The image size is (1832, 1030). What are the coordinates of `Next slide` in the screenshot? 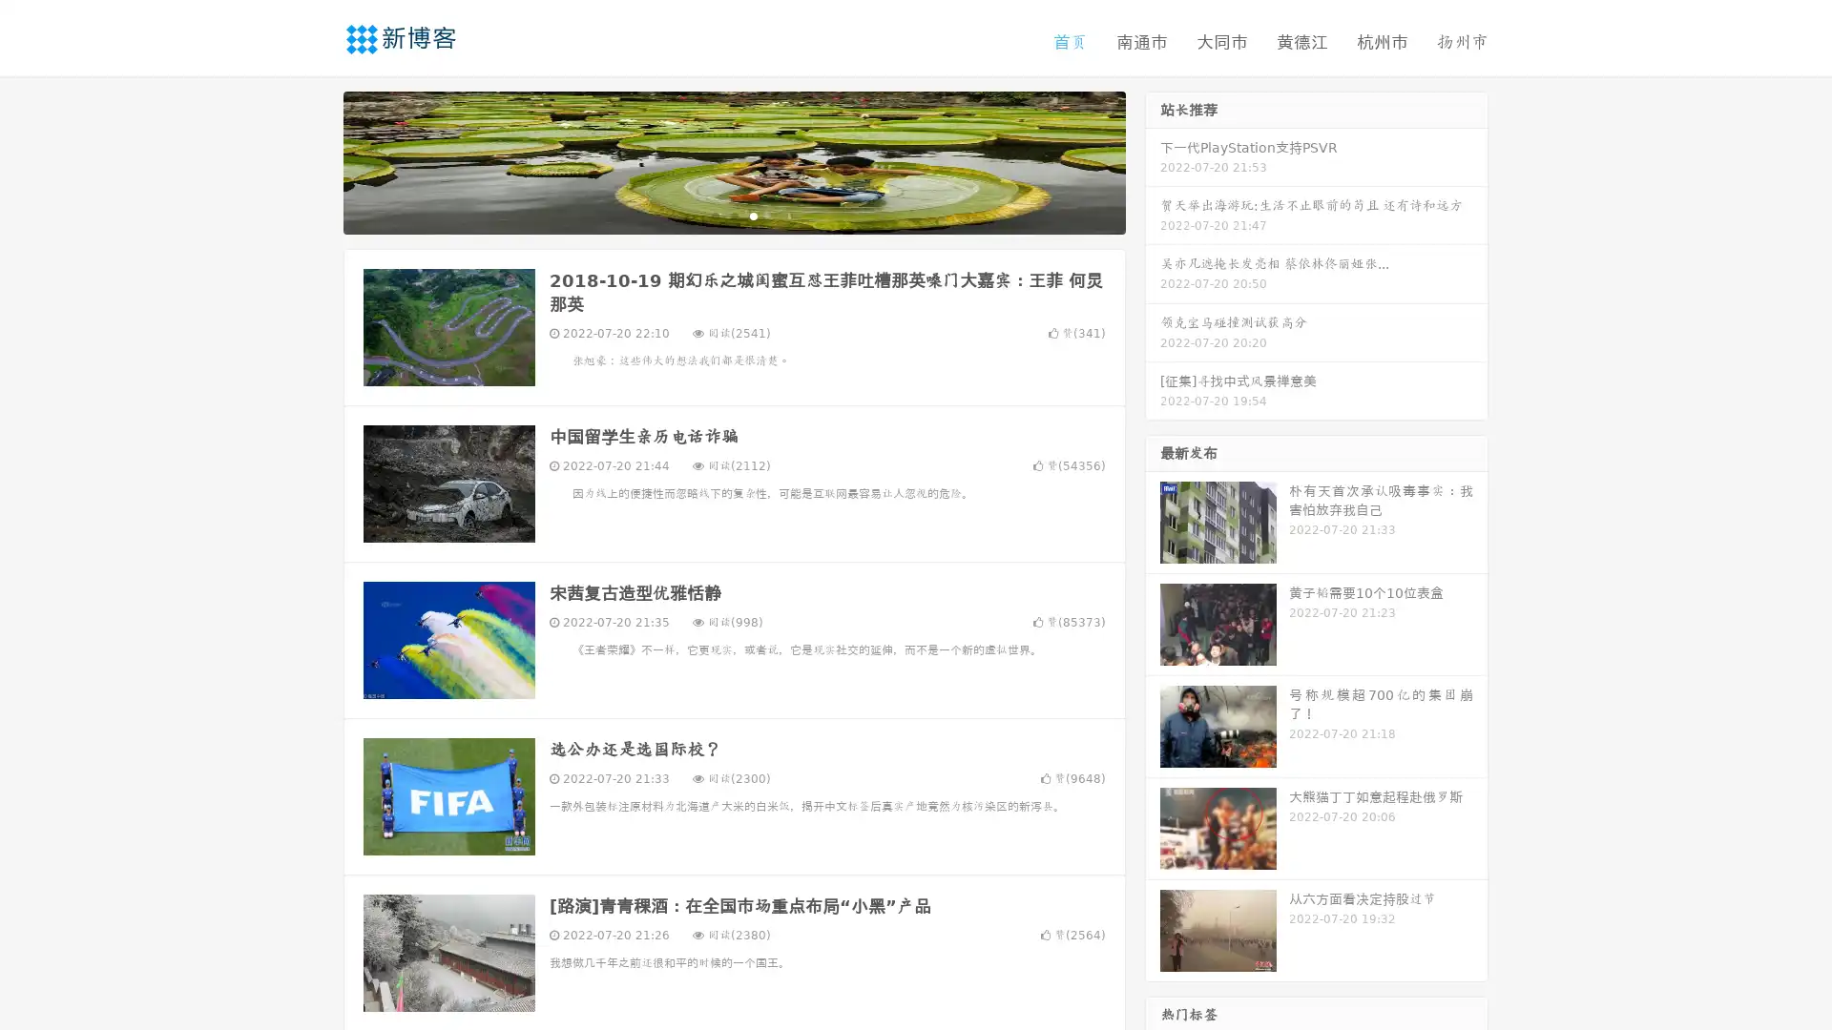 It's located at (1153, 160).